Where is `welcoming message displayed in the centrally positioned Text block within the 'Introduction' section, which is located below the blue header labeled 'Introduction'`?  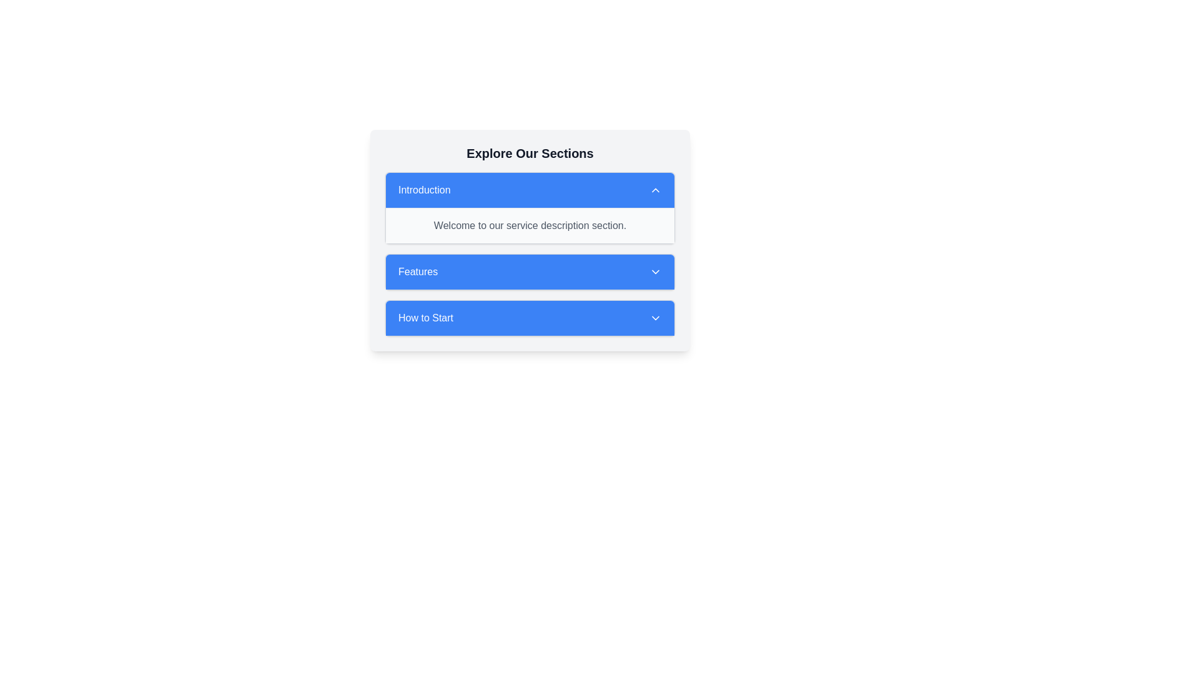 welcoming message displayed in the centrally positioned Text block within the 'Introduction' section, which is located below the blue header labeled 'Introduction' is located at coordinates (530, 226).